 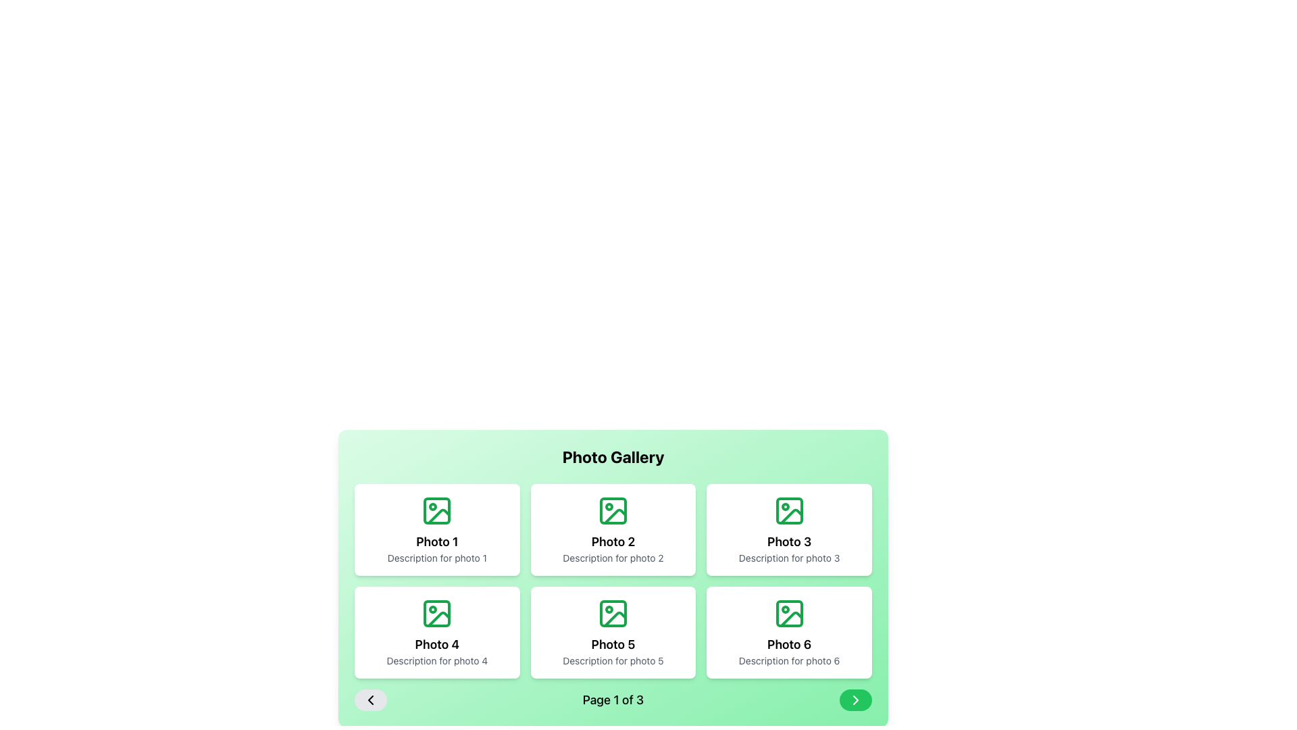 What do you see at coordinates (789, 529) in the screenshot?
I see `the third card element in the photo gallery grid` at bounding box center [789, 529].